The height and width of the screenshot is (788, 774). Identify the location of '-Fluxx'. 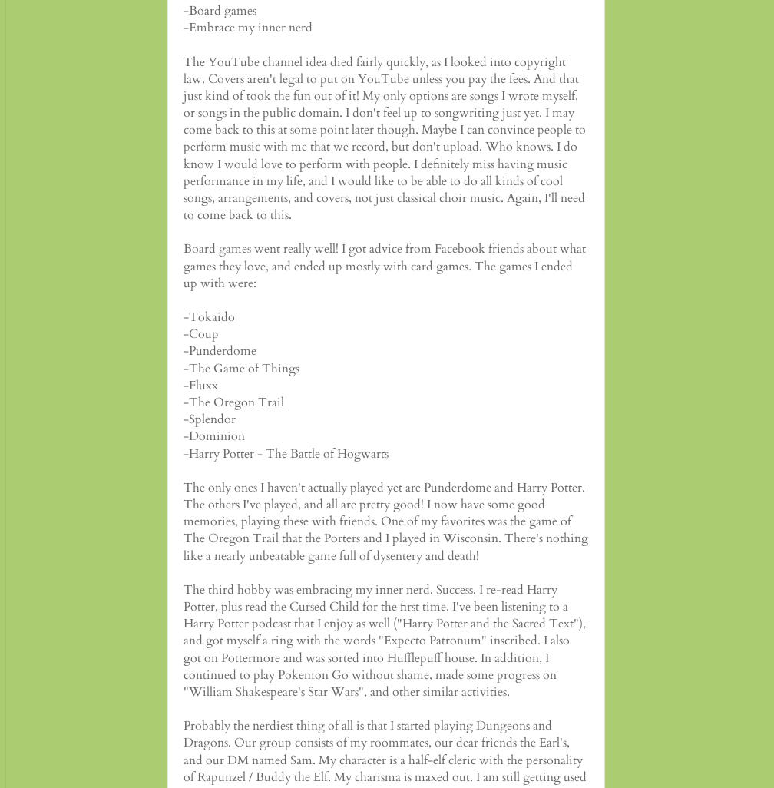
(200, 383).